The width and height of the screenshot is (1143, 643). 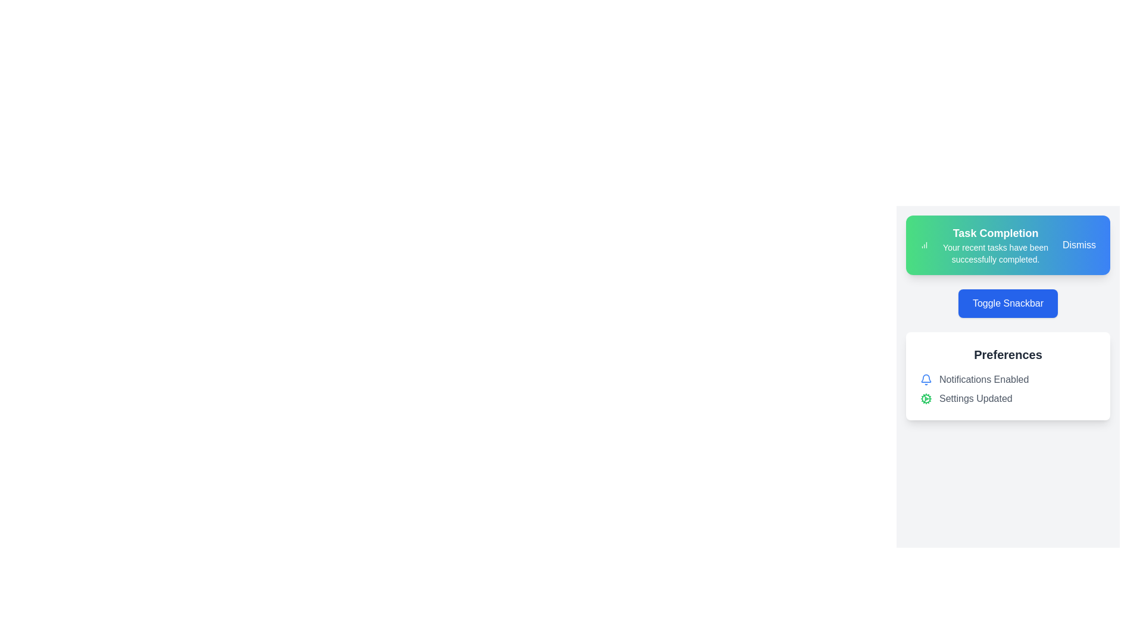 What do you see at coordinates (1007, 302) in the screenshot?
I see `the 'Toggle Snackbar' button to toggle the visibility of the snackbar` at bounding box center [1007, 302].